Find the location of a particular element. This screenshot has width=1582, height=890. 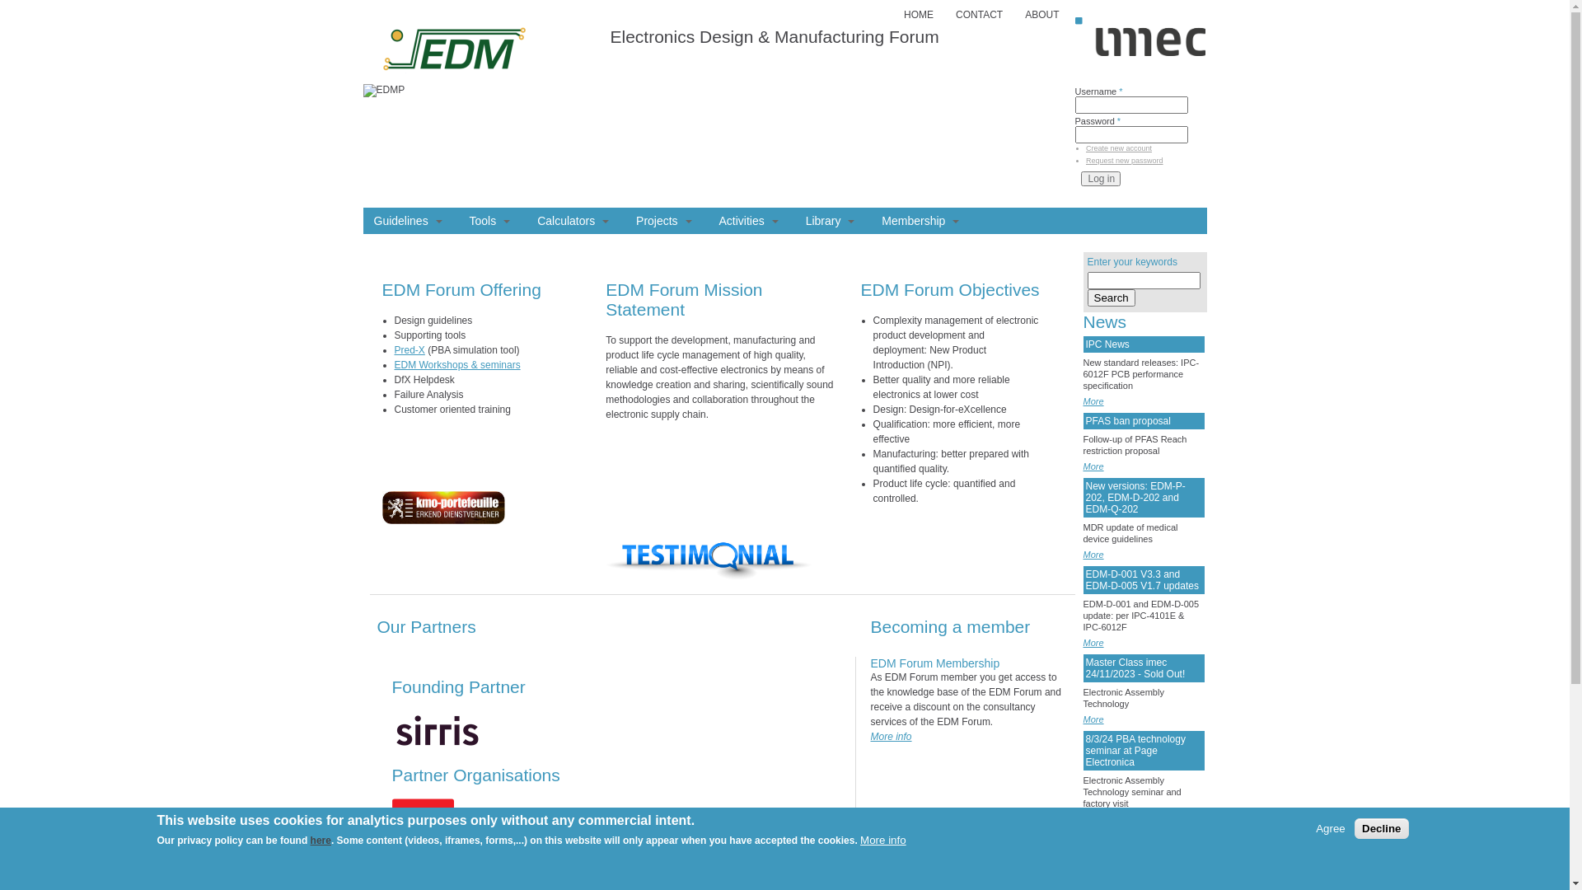

'Activities' is located at coordinates (747, 219).